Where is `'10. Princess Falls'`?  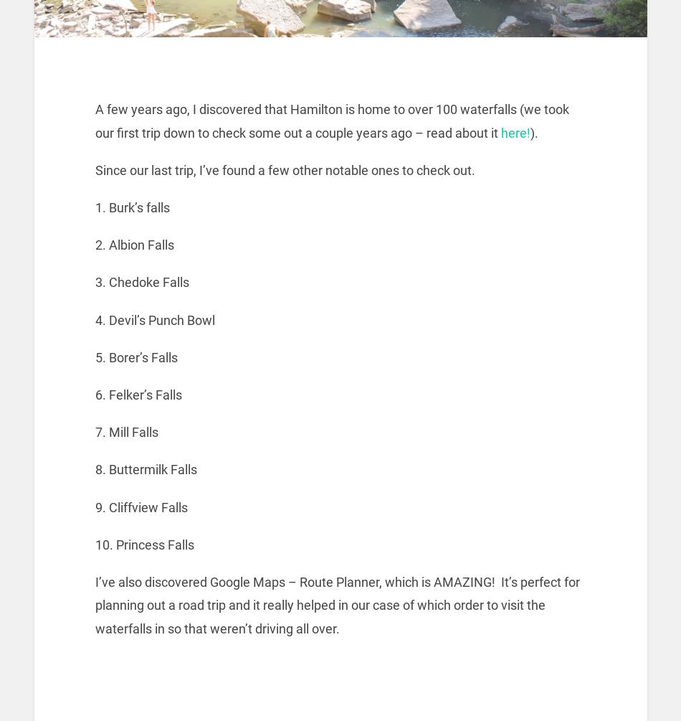 '10. Princess Falls' is located at coordinates (144, 544).